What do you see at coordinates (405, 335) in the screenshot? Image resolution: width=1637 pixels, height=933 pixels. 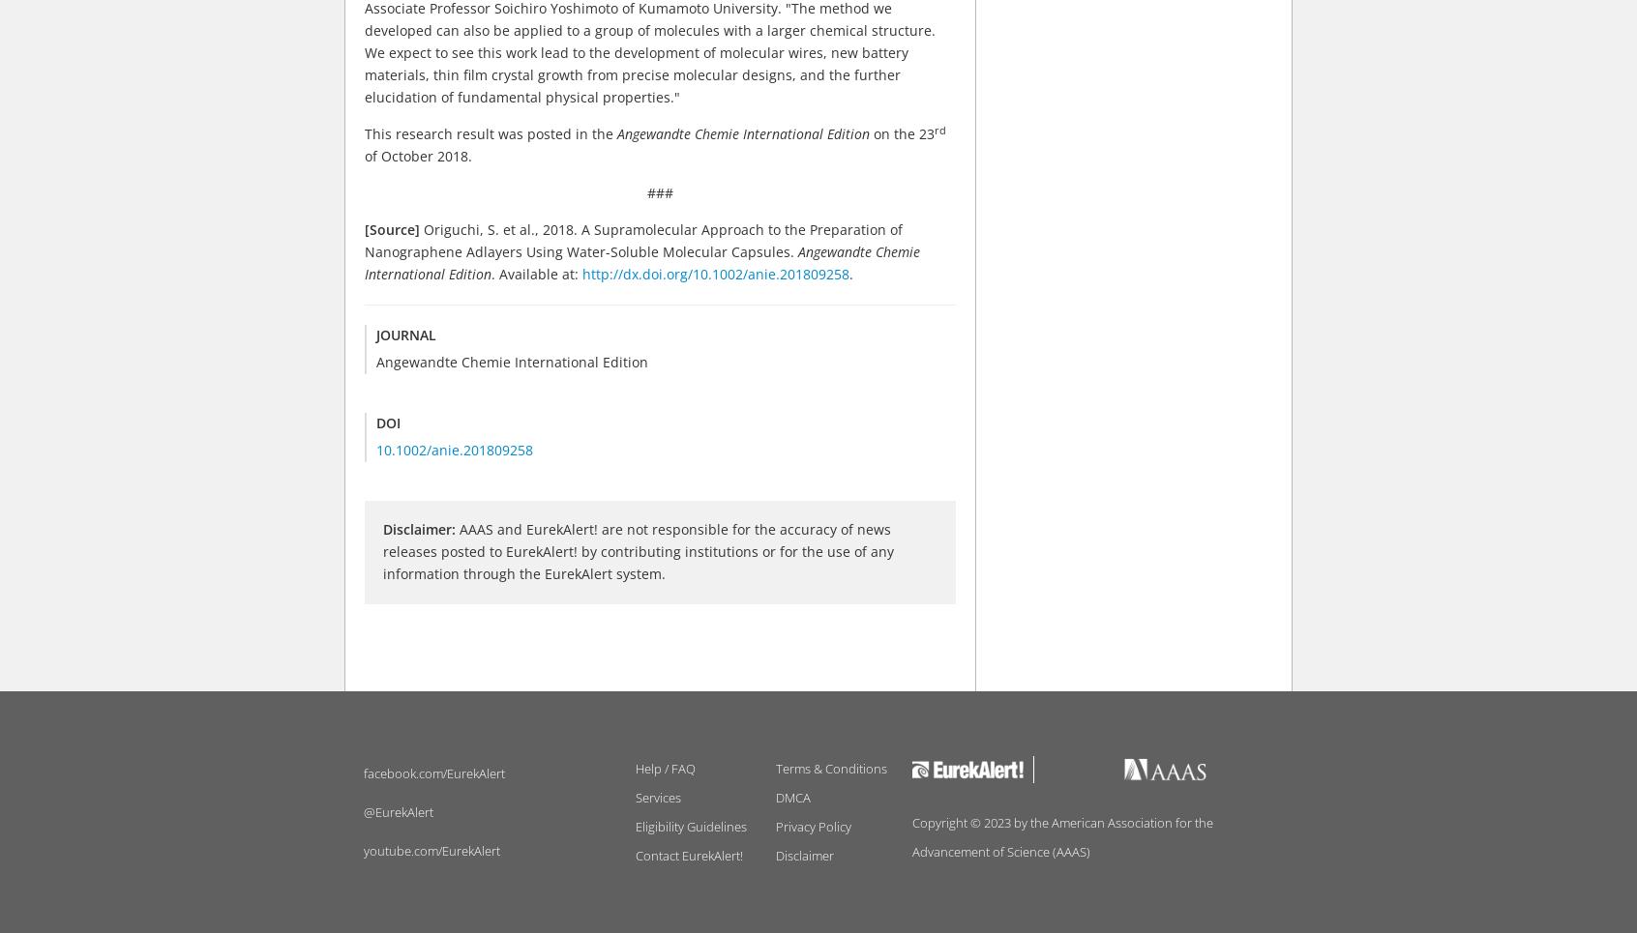 I see `'Journal'` at bounding box center [405, 335].